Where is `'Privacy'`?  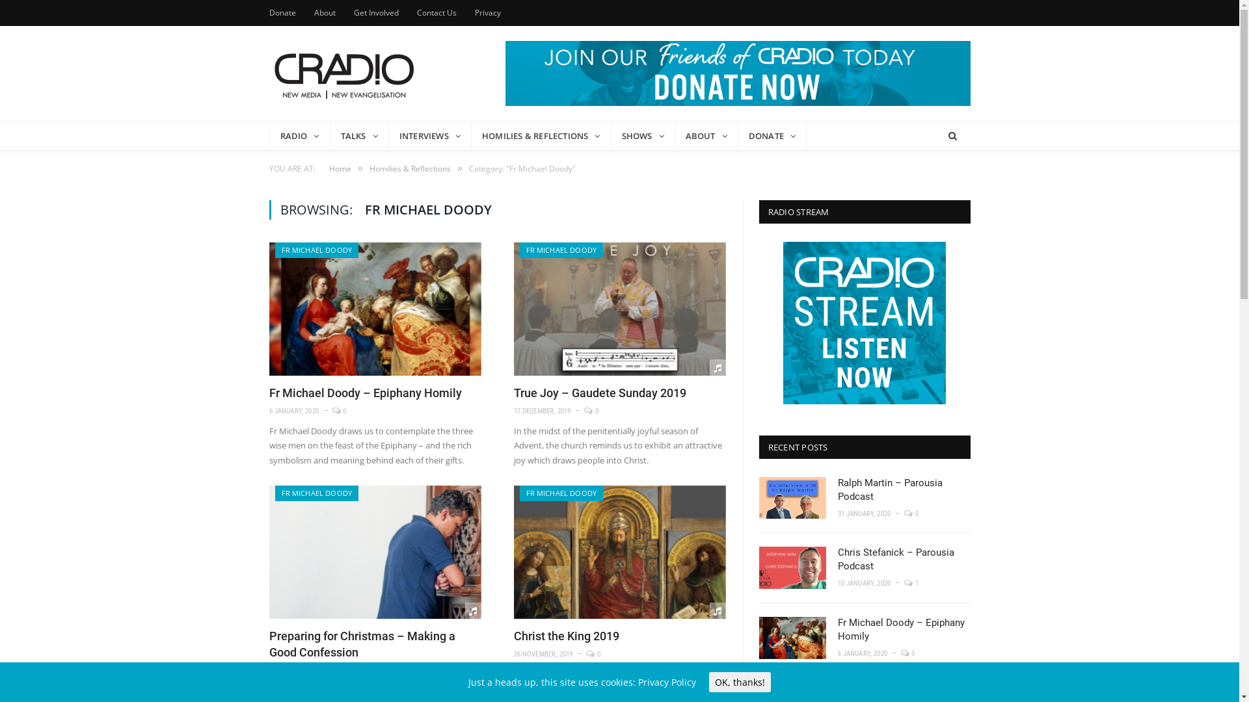 'Privacy' is located at coordinates (487, 12).